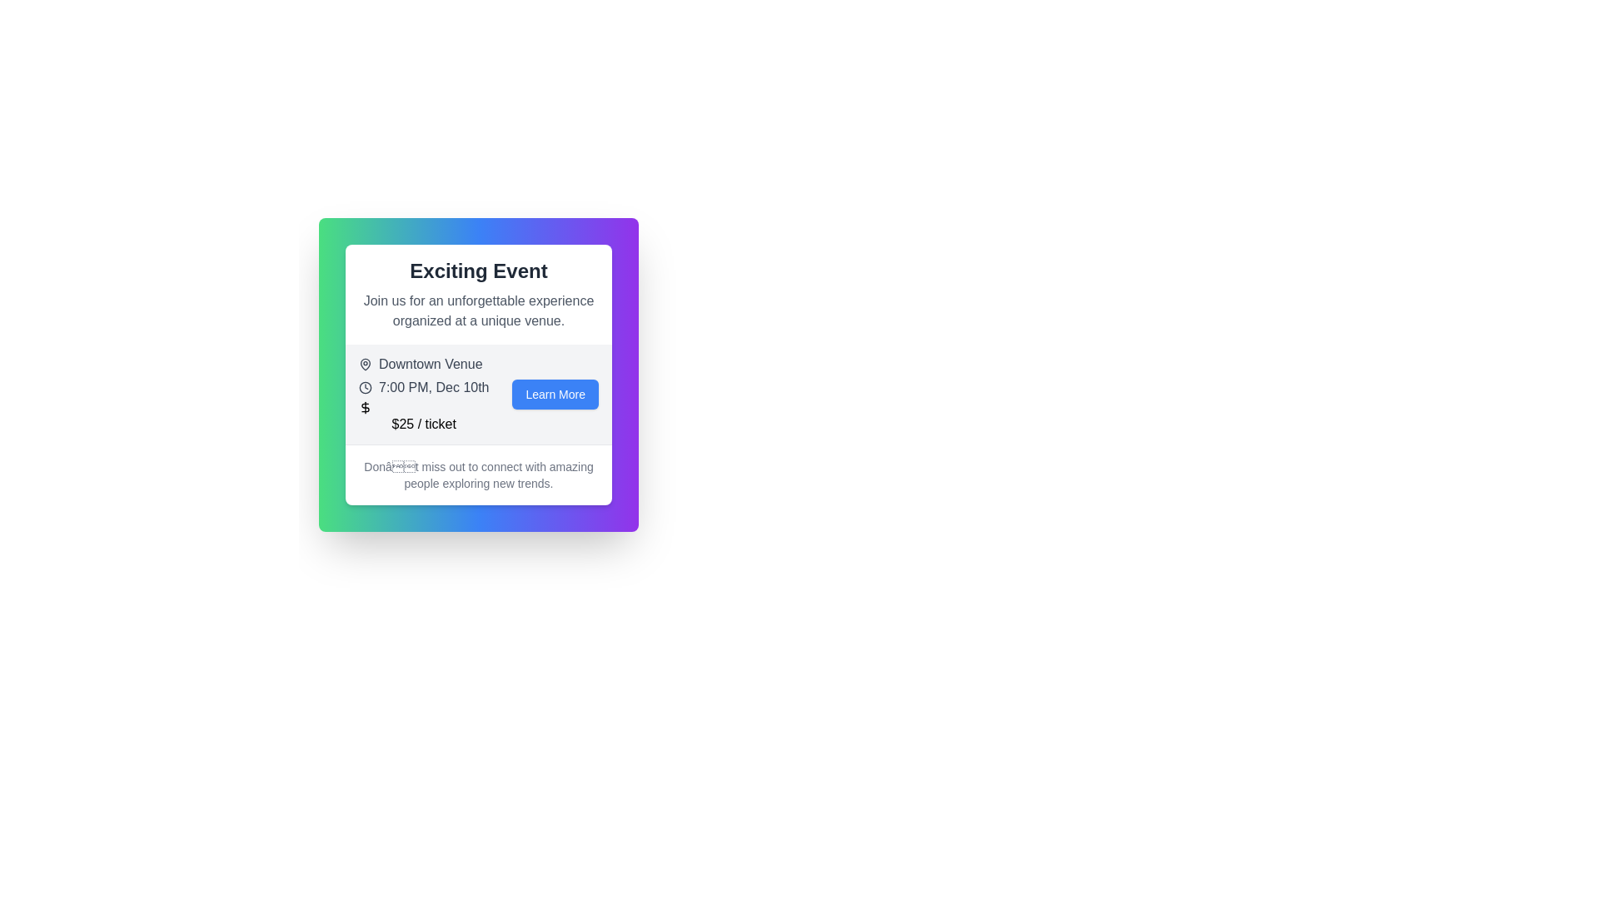 This screenshot has height=899, width=1599. I want to click on the Static Text displaying the price of tickets, which shows '$25 / ticket' and is located beneath the text '7:00 PM, Dec 10th', so click(424, 416).